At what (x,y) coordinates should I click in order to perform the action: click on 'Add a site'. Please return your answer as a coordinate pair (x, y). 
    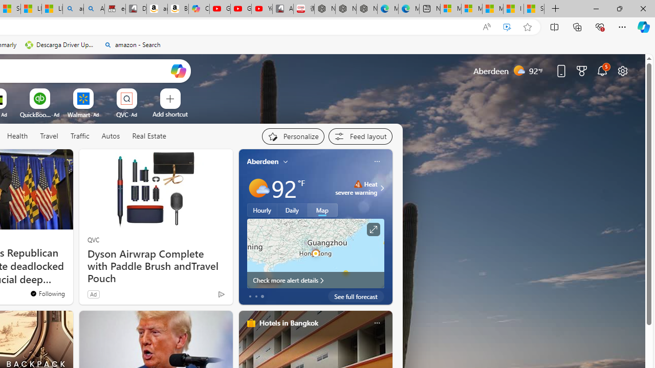
    Looking at the image, I should click on (170, 114).